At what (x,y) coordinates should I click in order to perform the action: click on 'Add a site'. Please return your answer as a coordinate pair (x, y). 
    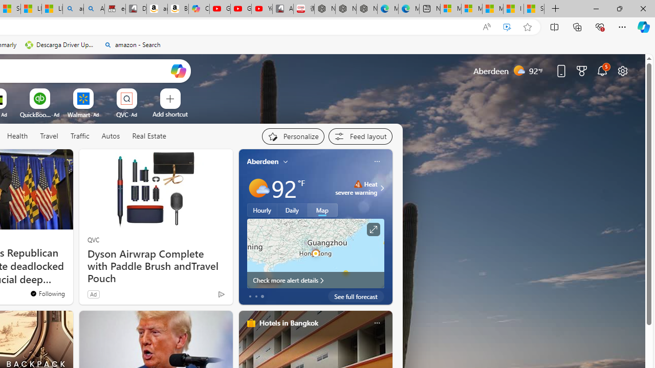
    Looking at the image, I should click on (170, 114).